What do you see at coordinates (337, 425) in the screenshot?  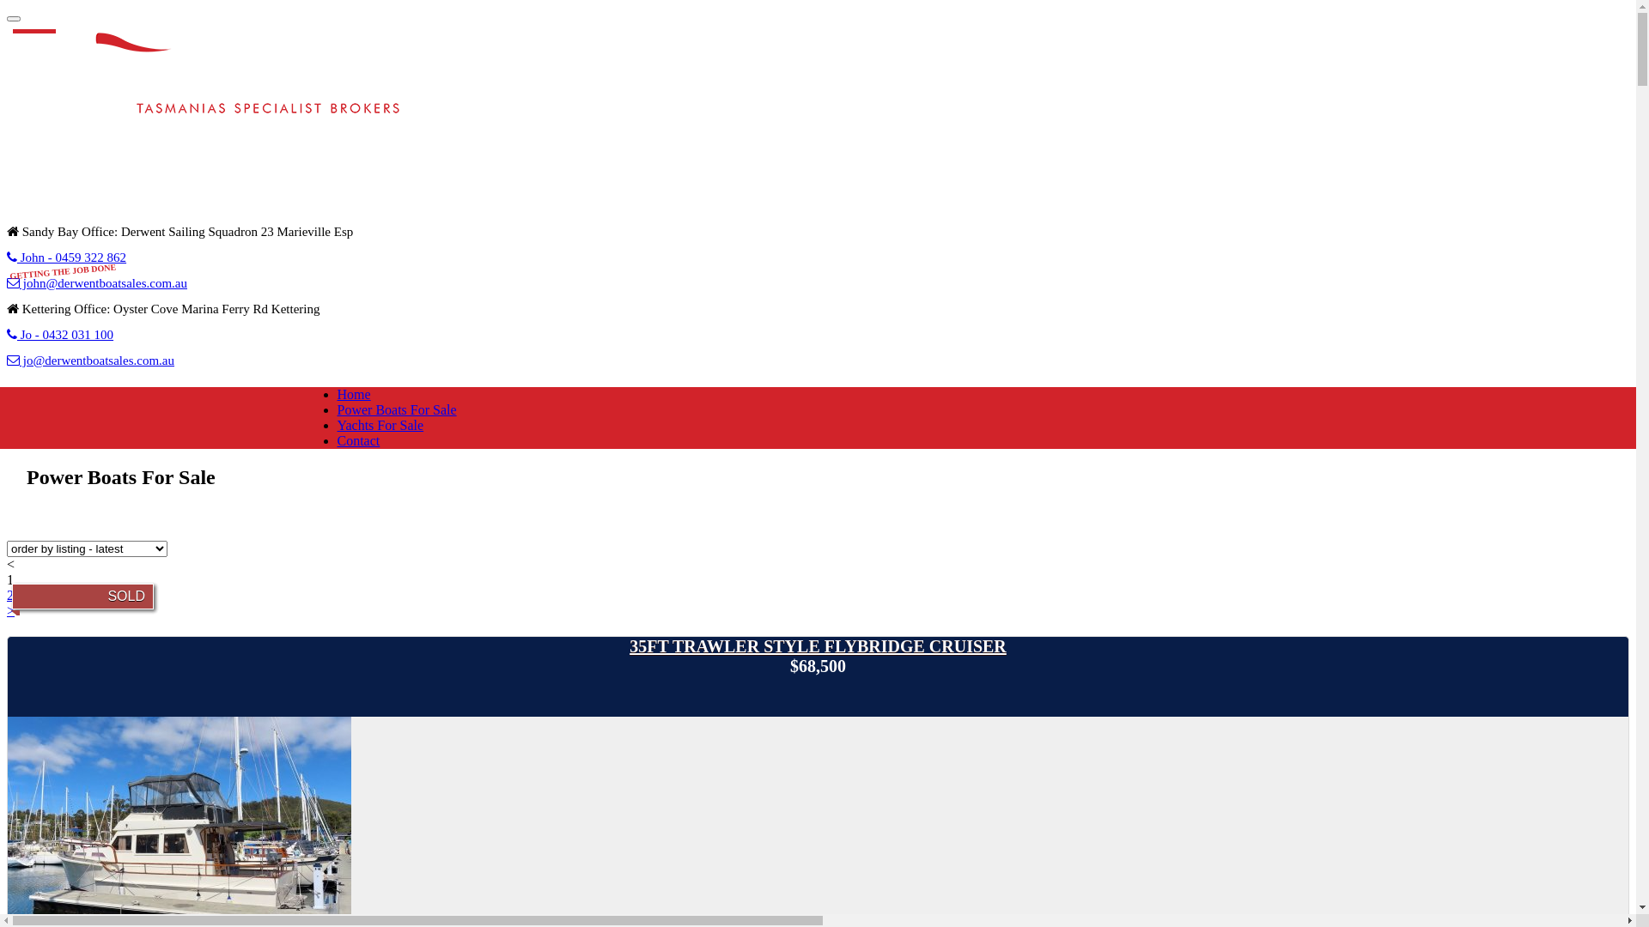 I see `'Yachts For Sale'` at bounding box center [337, 425].